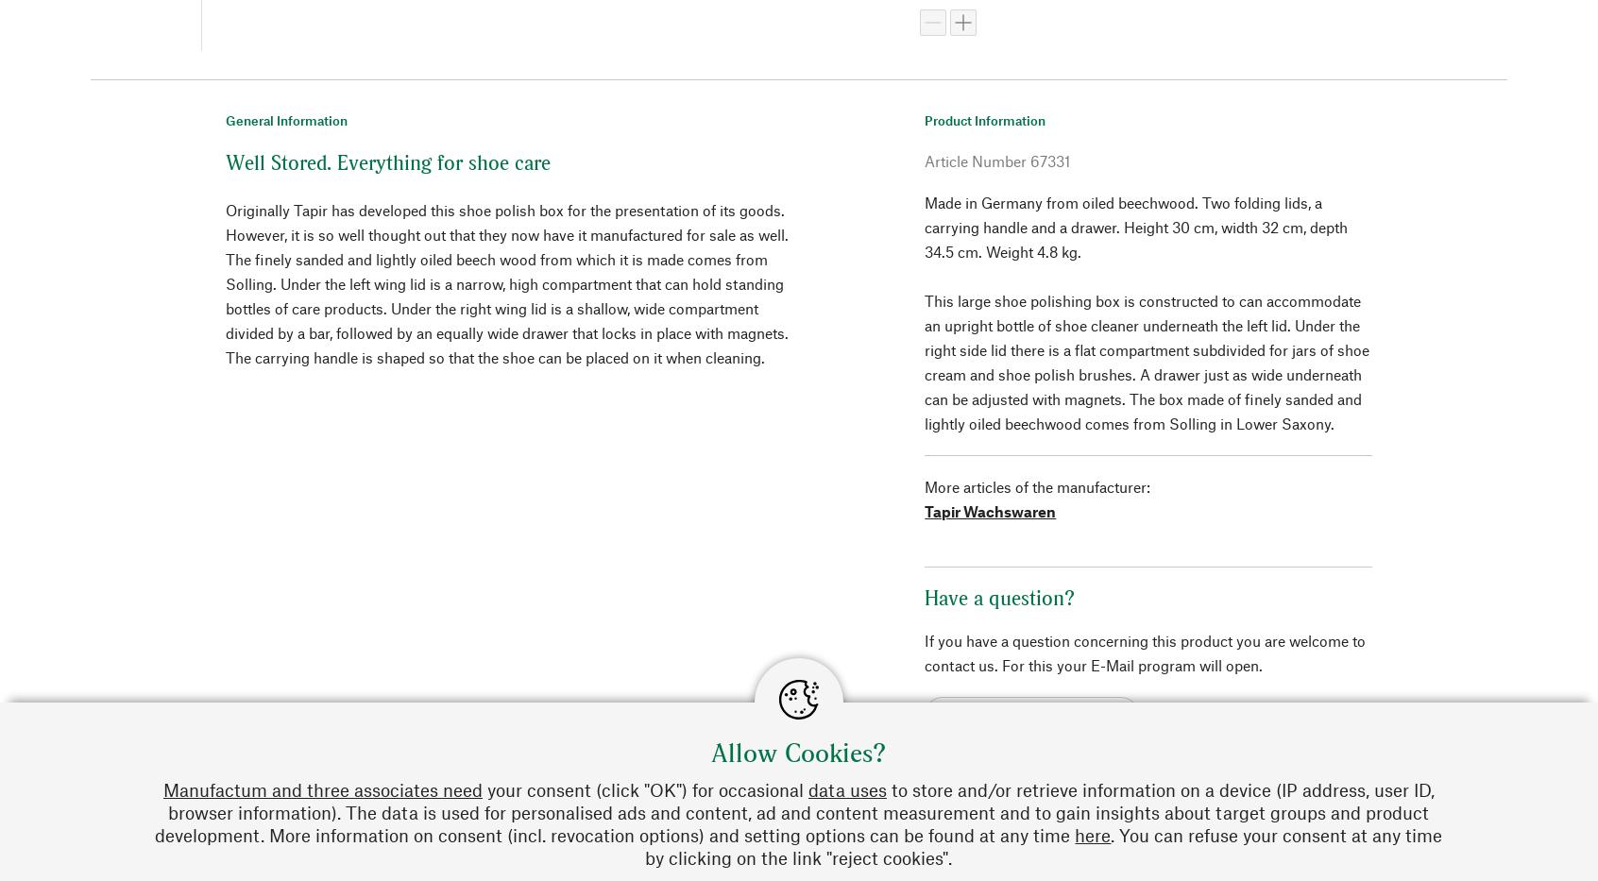 The height and width of the screenshot is (881, 1598). I want to click on 'Have a question?', so click(999, 596).